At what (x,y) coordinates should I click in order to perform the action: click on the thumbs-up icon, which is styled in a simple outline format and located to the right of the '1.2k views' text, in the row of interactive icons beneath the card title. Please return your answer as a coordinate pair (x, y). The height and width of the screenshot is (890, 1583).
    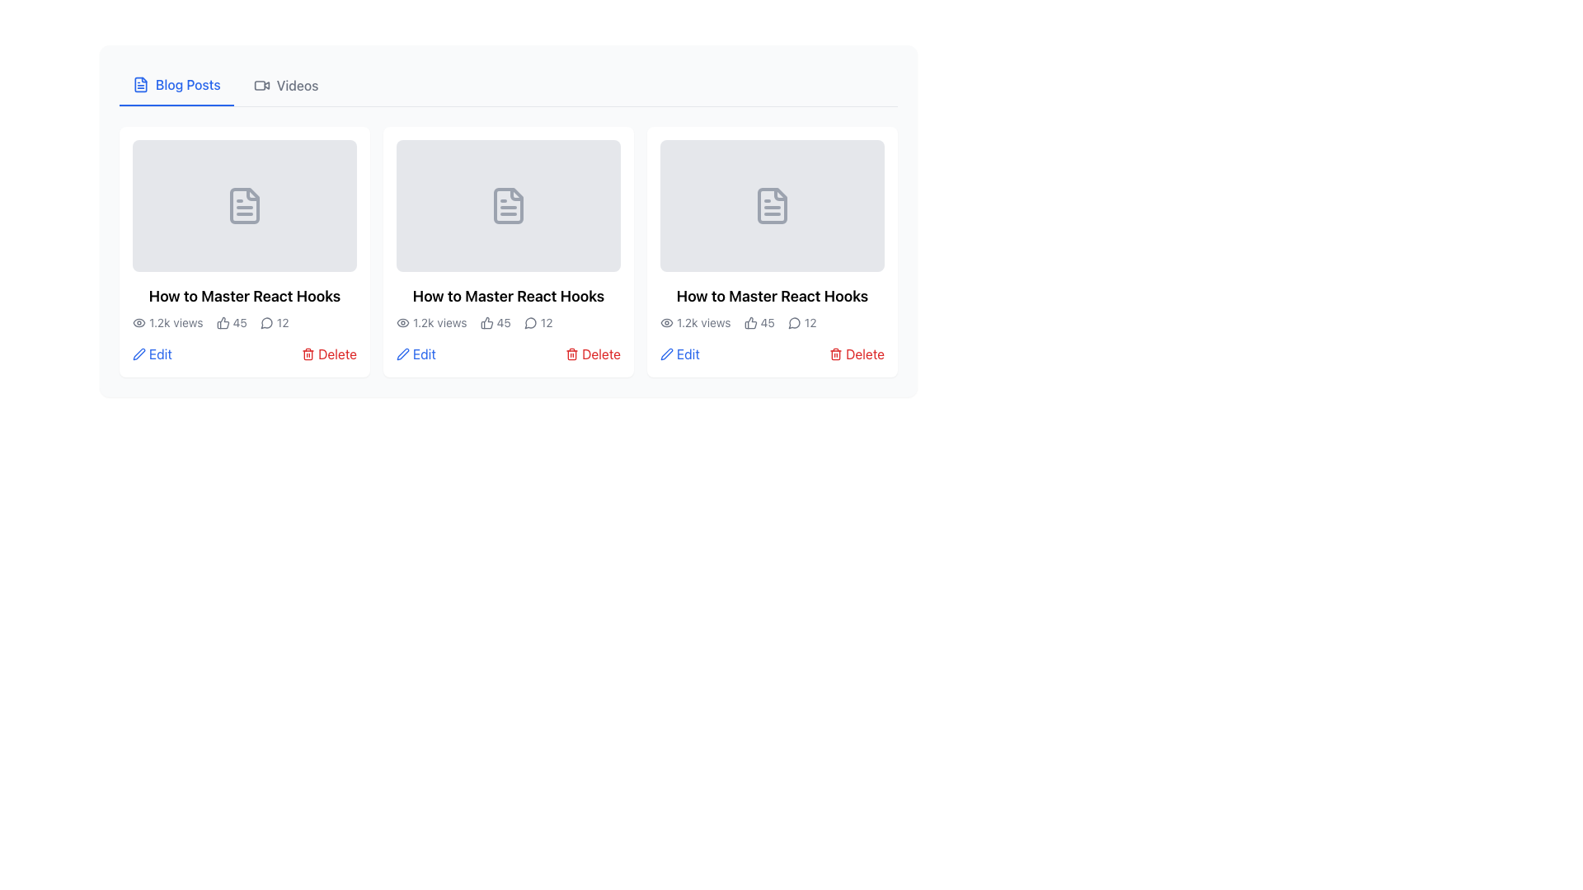
    Looking at the image, I should click on (486, 323).